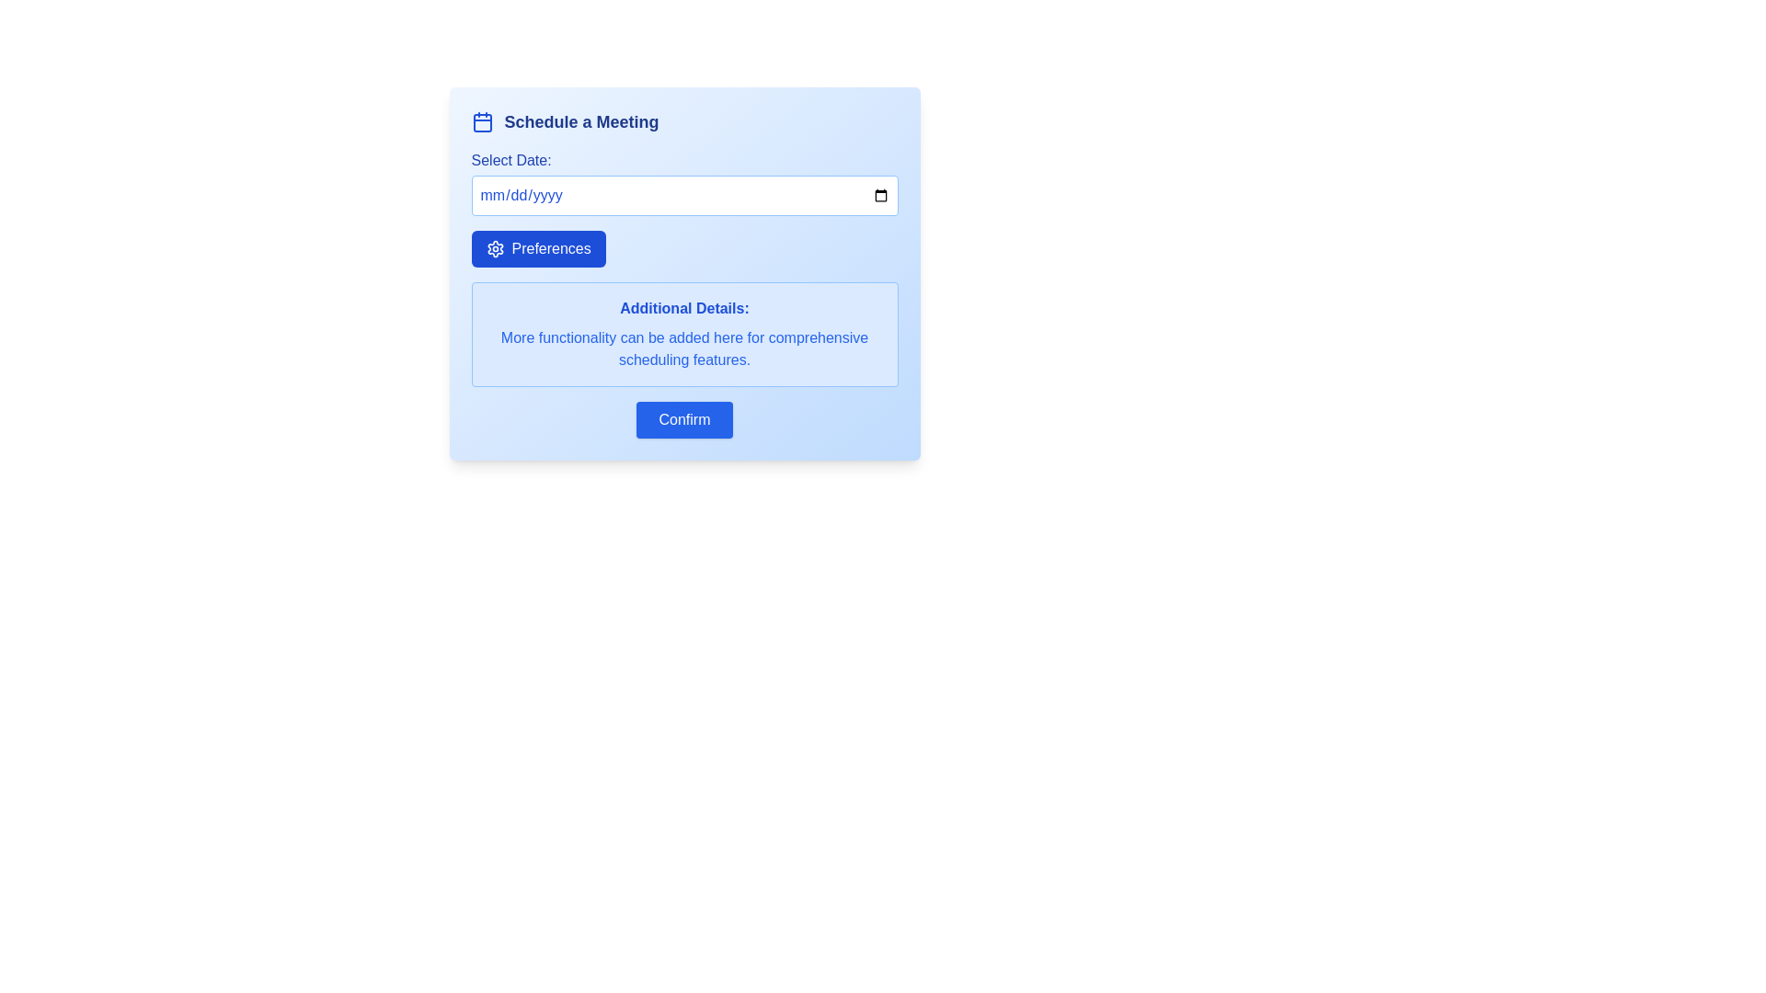  What do you see at coordinates (482, 121) in the screenshot?
I see `the blue calendar icon located at the top-left corner of the 'Schedule a Meeting' card, which features a square outline with rounded corners and two vertical bars resembling hooks` at bounding box center [482, 121].